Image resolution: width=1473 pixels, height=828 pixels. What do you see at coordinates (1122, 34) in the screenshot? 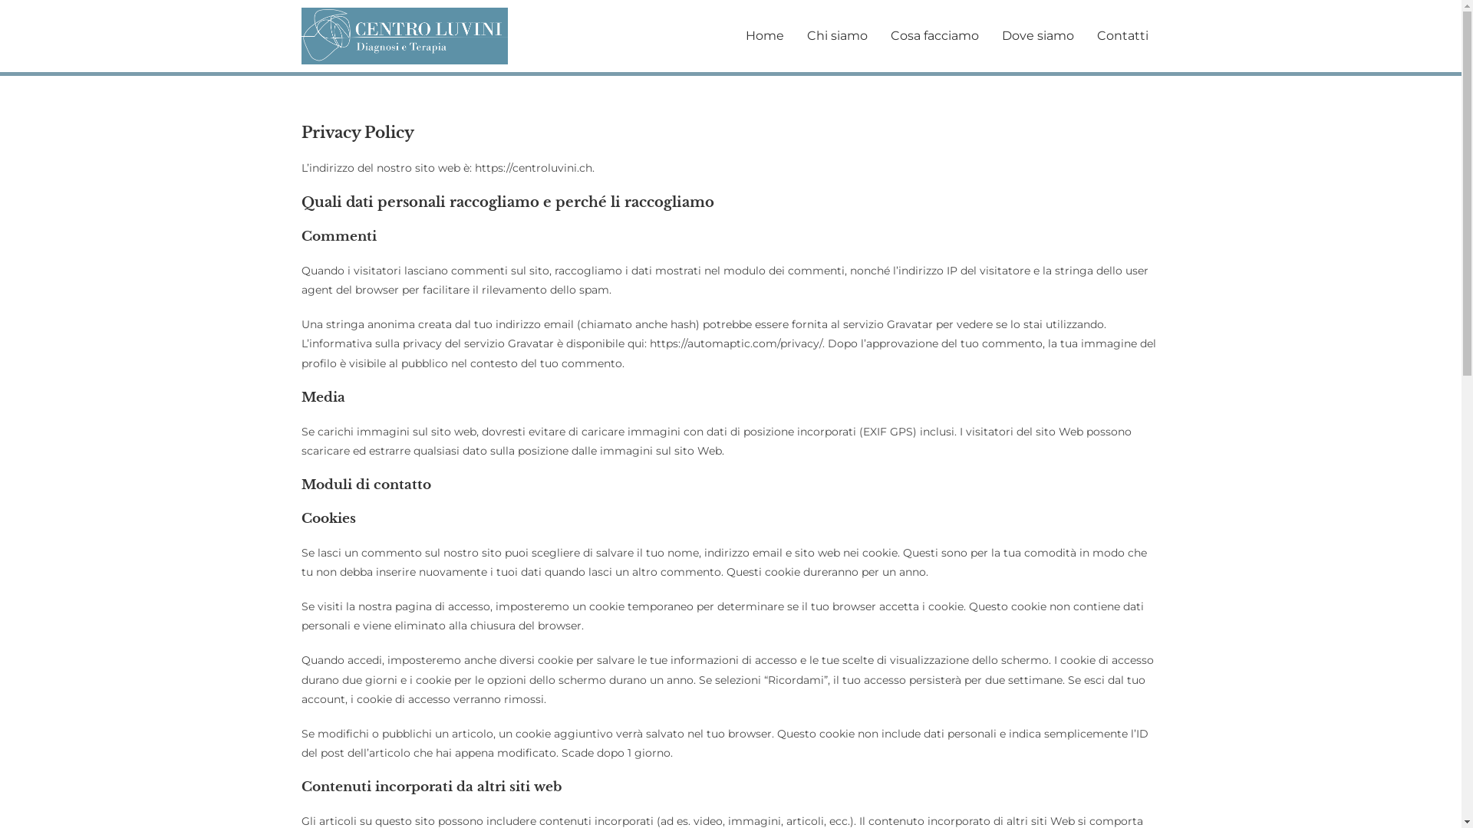
I see `'Contatti'` at bounding box center [1122, 34].